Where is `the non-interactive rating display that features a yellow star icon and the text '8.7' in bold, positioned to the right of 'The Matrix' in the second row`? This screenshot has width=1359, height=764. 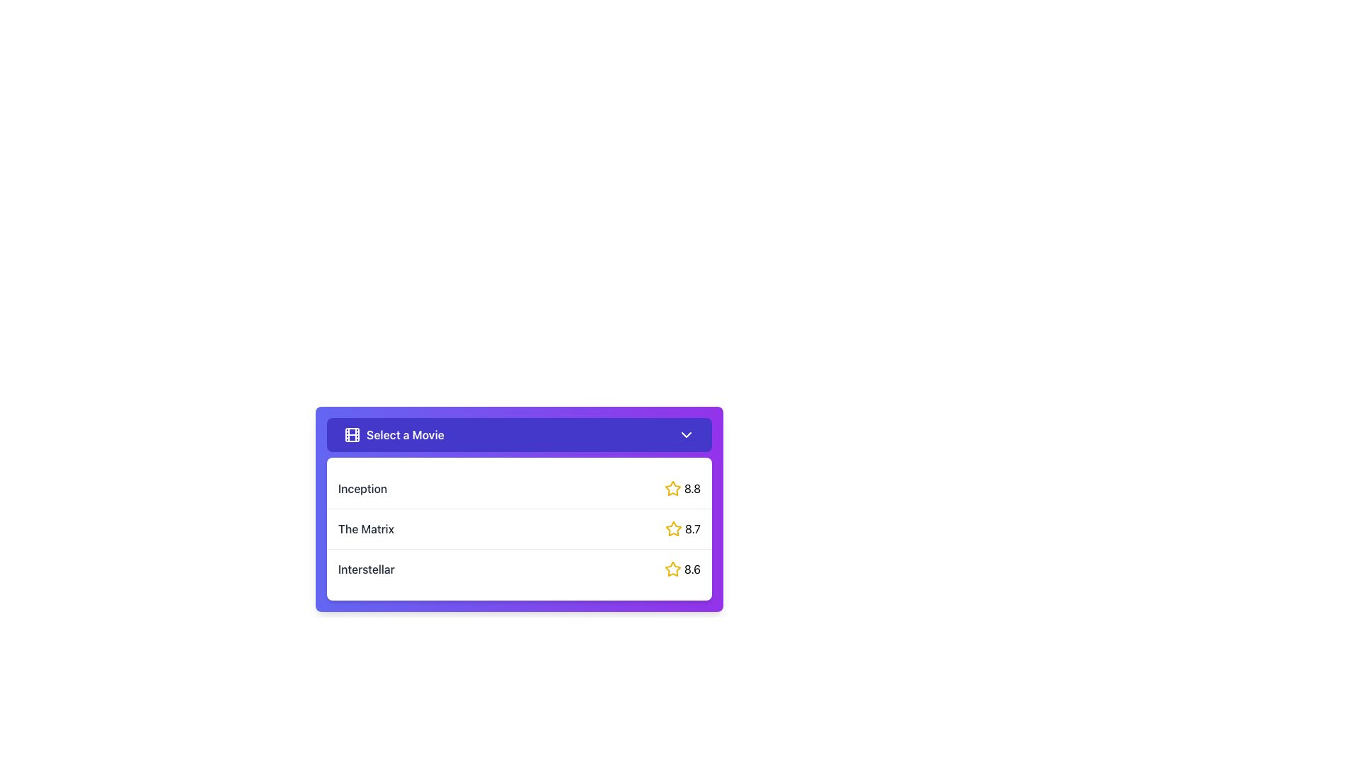
the non-interactive rating display that features a yellow star icon and the text '8.7' in bold, positioned to the right of 'The Matrix' in the second row is located at coordinates (682, 529).